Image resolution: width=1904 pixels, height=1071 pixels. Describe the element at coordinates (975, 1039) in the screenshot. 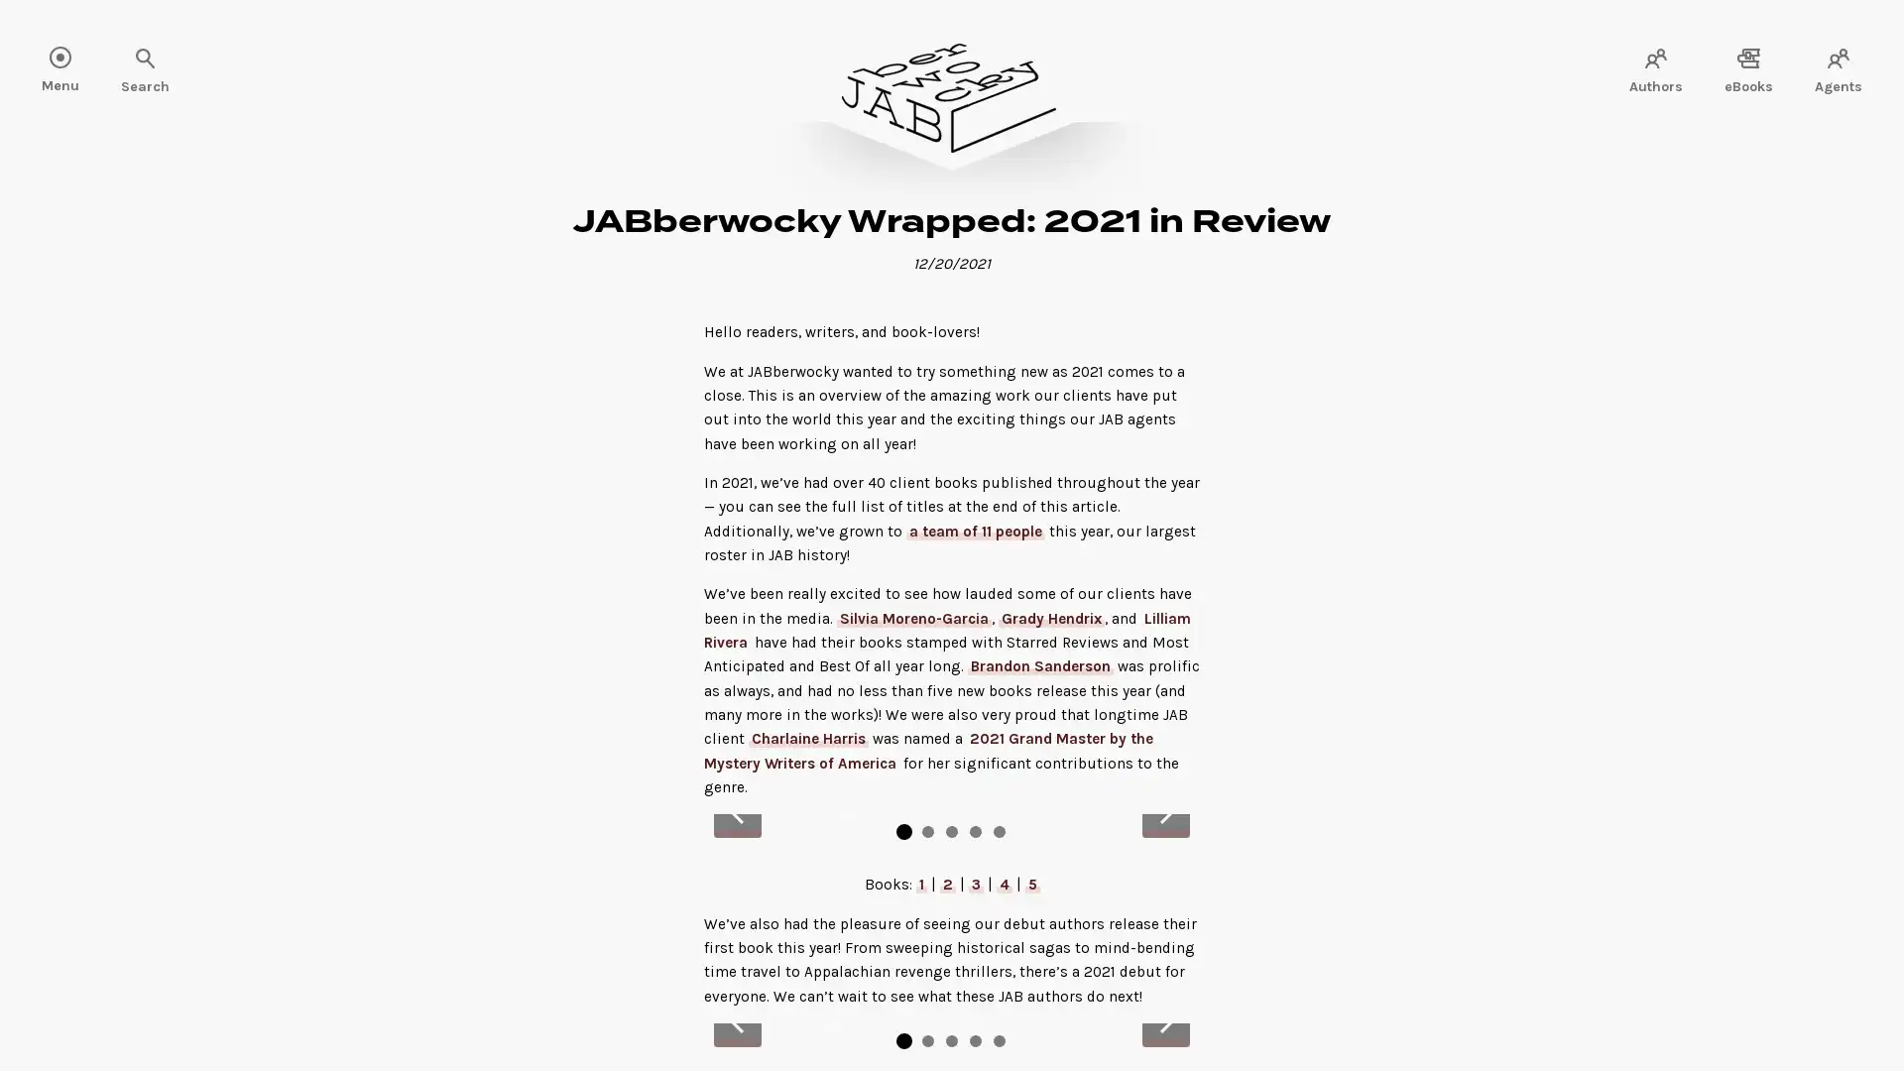

I see `Go to slide 4` at that location.